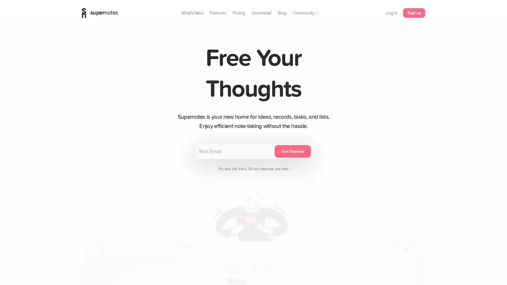 The image size is (507, 285). I want to click on Get Started, so click(292, 151).